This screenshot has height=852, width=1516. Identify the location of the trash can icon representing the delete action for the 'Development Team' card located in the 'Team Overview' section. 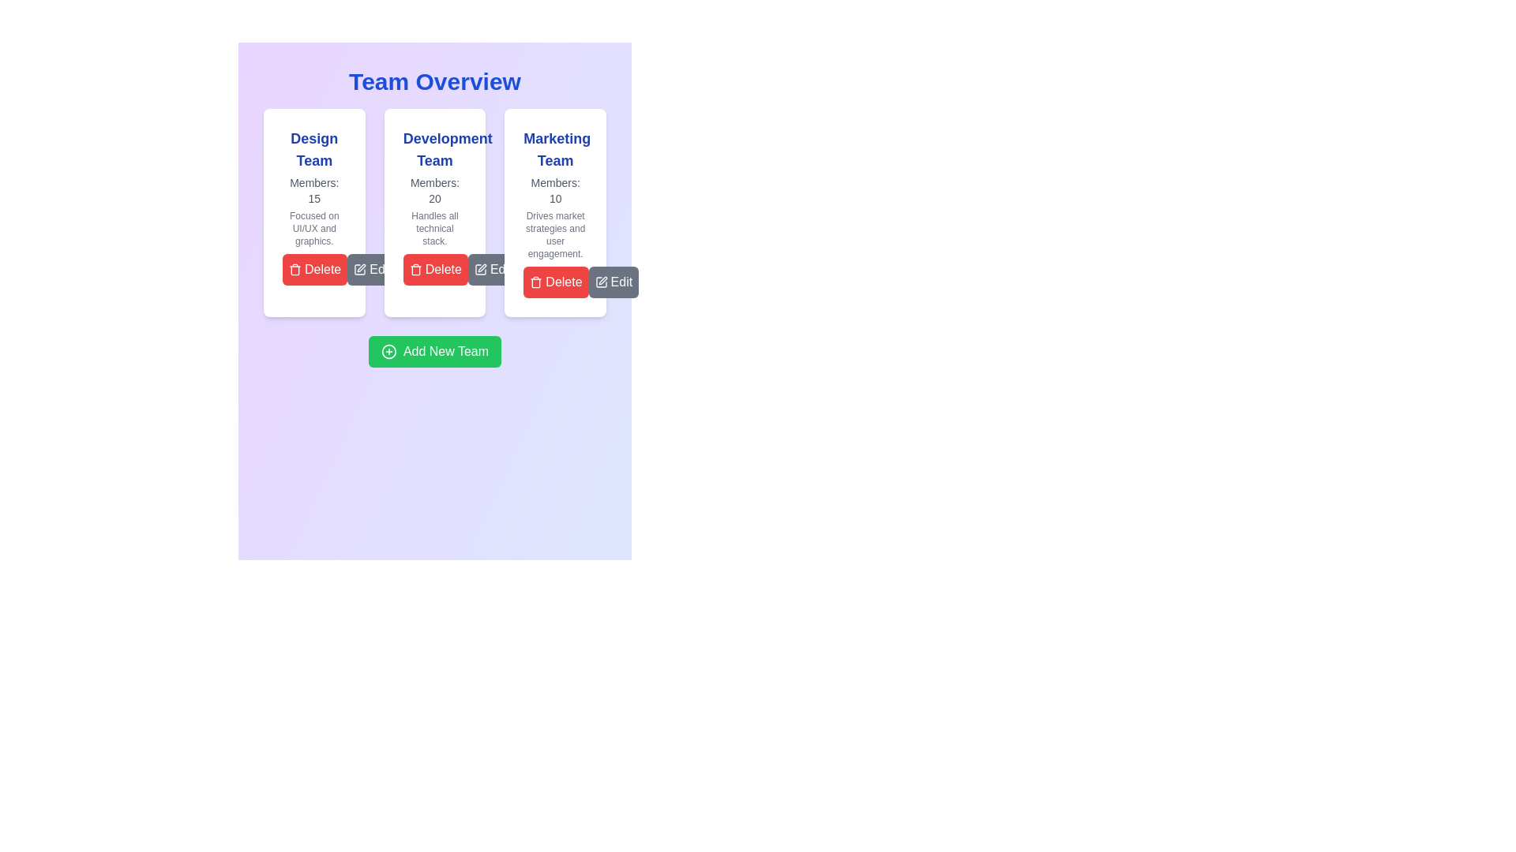
(415, 270).